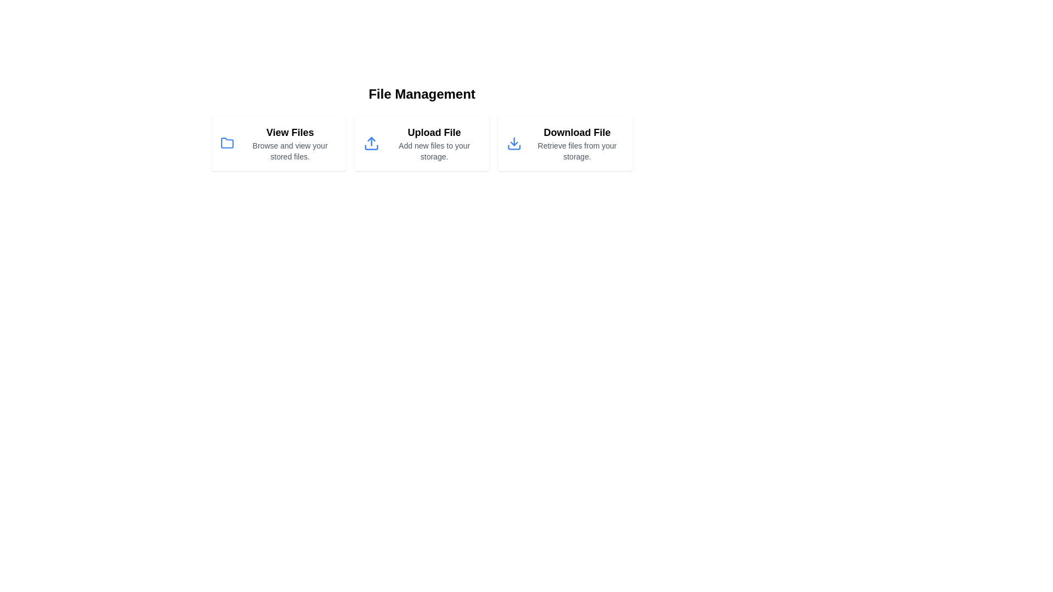  What do you see at coordinates (576, 151) in the screenshot?
I see `the gray text label that says 'Retrieve files from your storage.' positioned below the 'Download File' title in the file management options grid` at bounding box center [576, 151].